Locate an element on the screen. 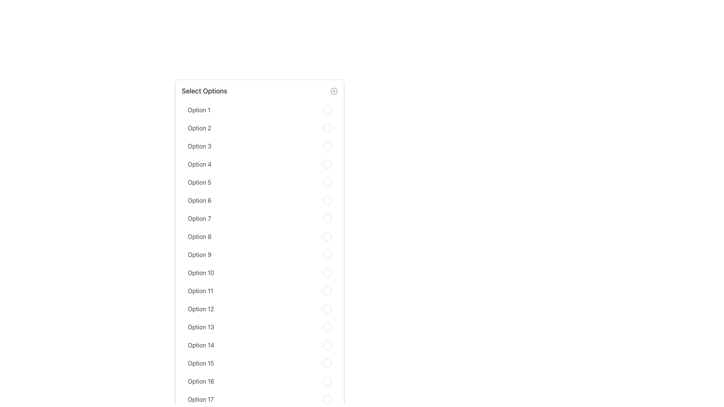  the text label for 'Option 8' is located at coordinates (199, 236).